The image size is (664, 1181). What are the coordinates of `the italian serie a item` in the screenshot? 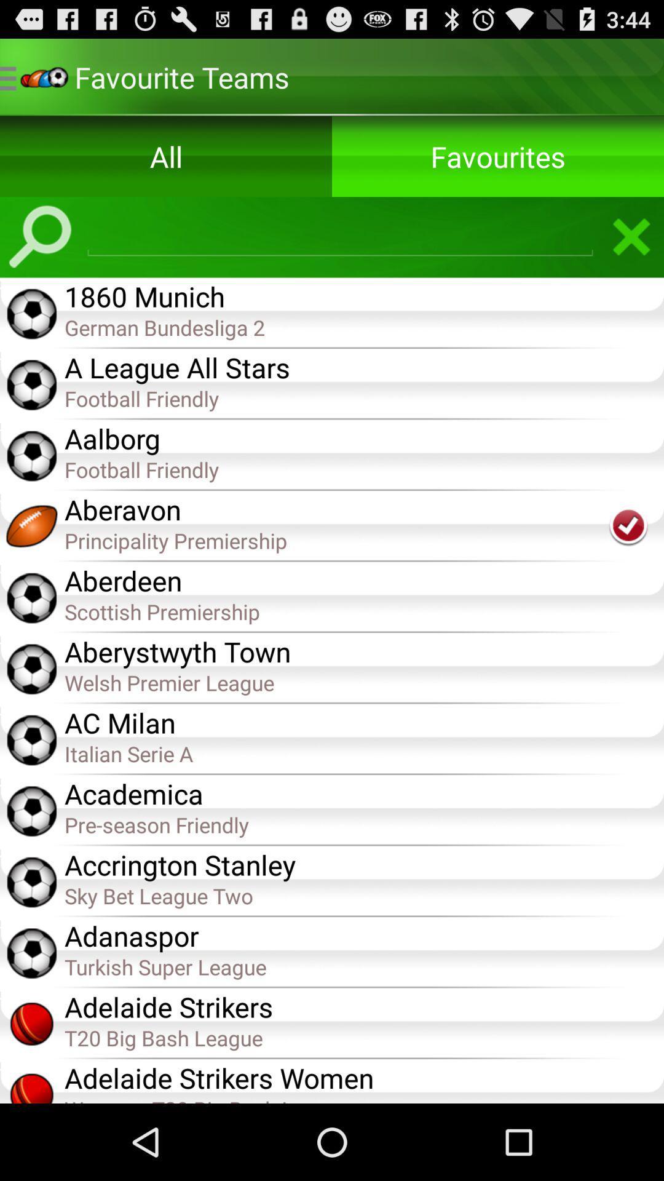 It's located at (363, 752).